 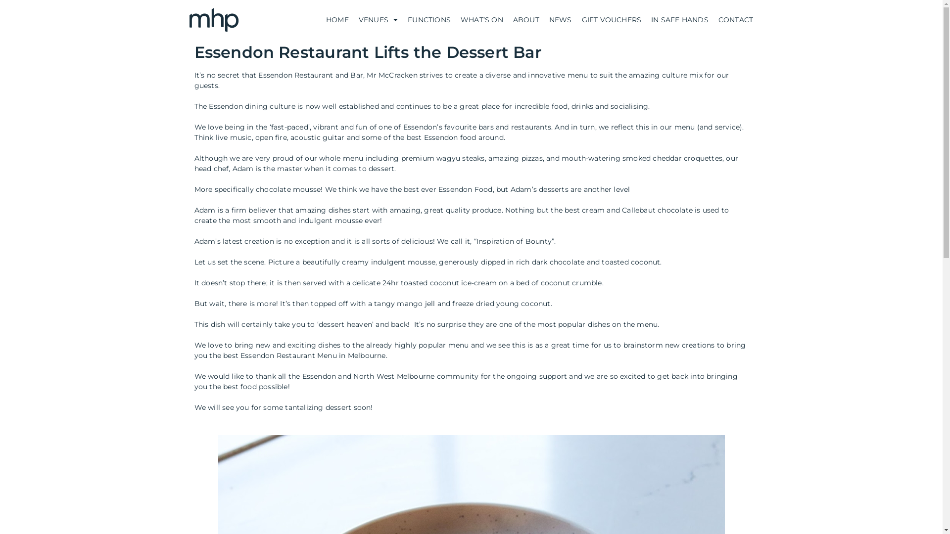 I want to click on 'FUNCTIONS', so click(x=408, y=19).